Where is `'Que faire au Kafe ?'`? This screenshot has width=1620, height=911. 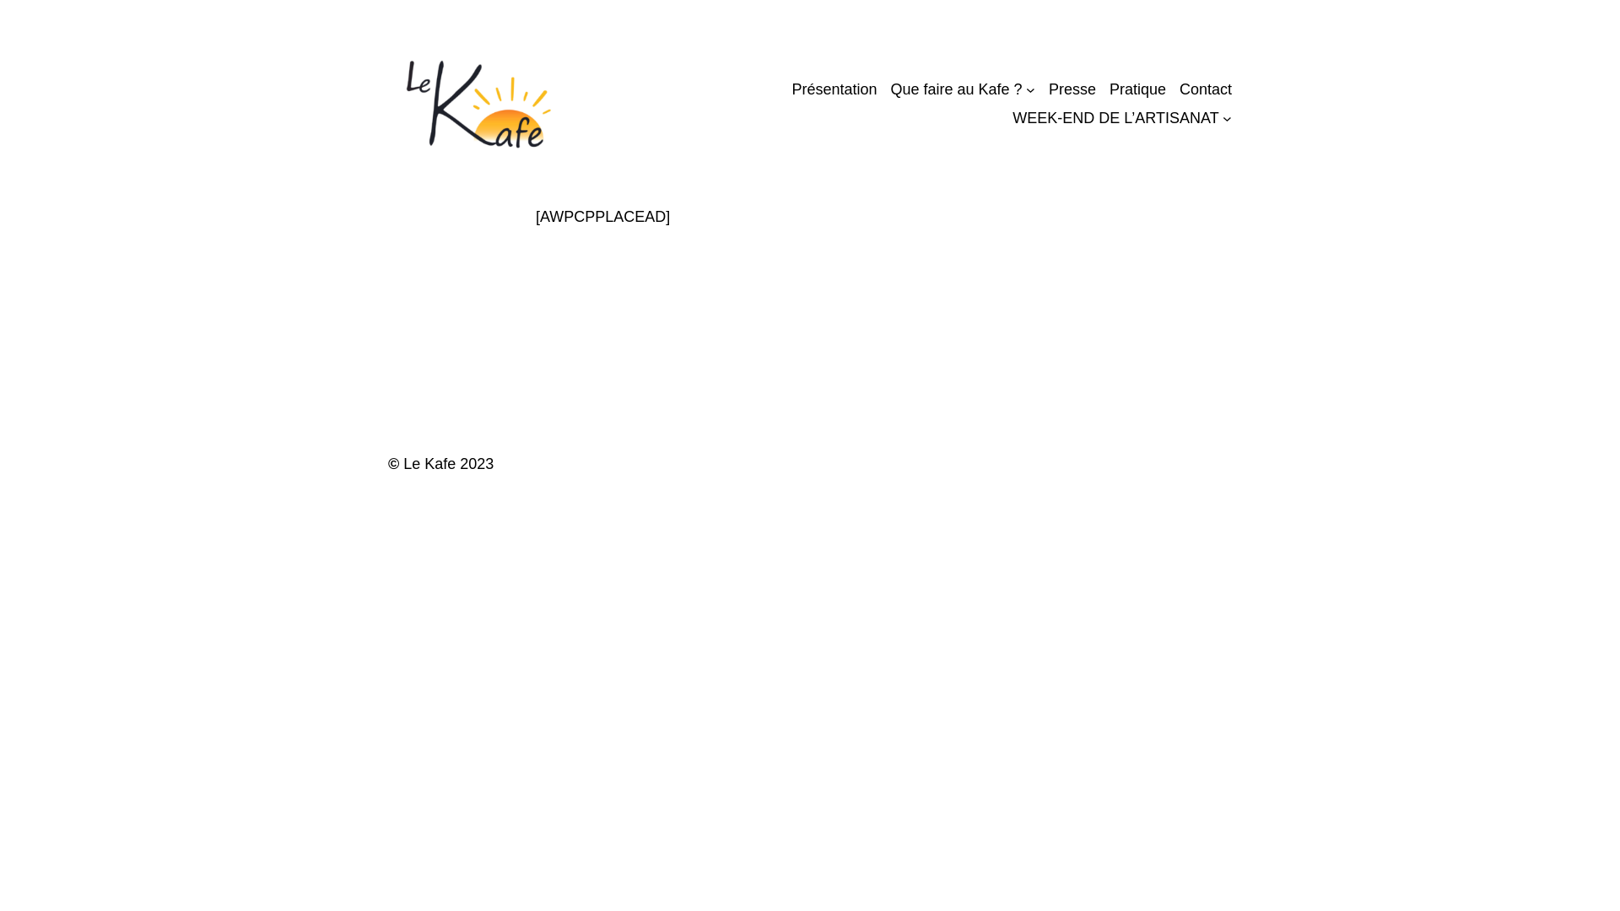
'Que faire au Kafe ?' is located at coordinates (955, 89).